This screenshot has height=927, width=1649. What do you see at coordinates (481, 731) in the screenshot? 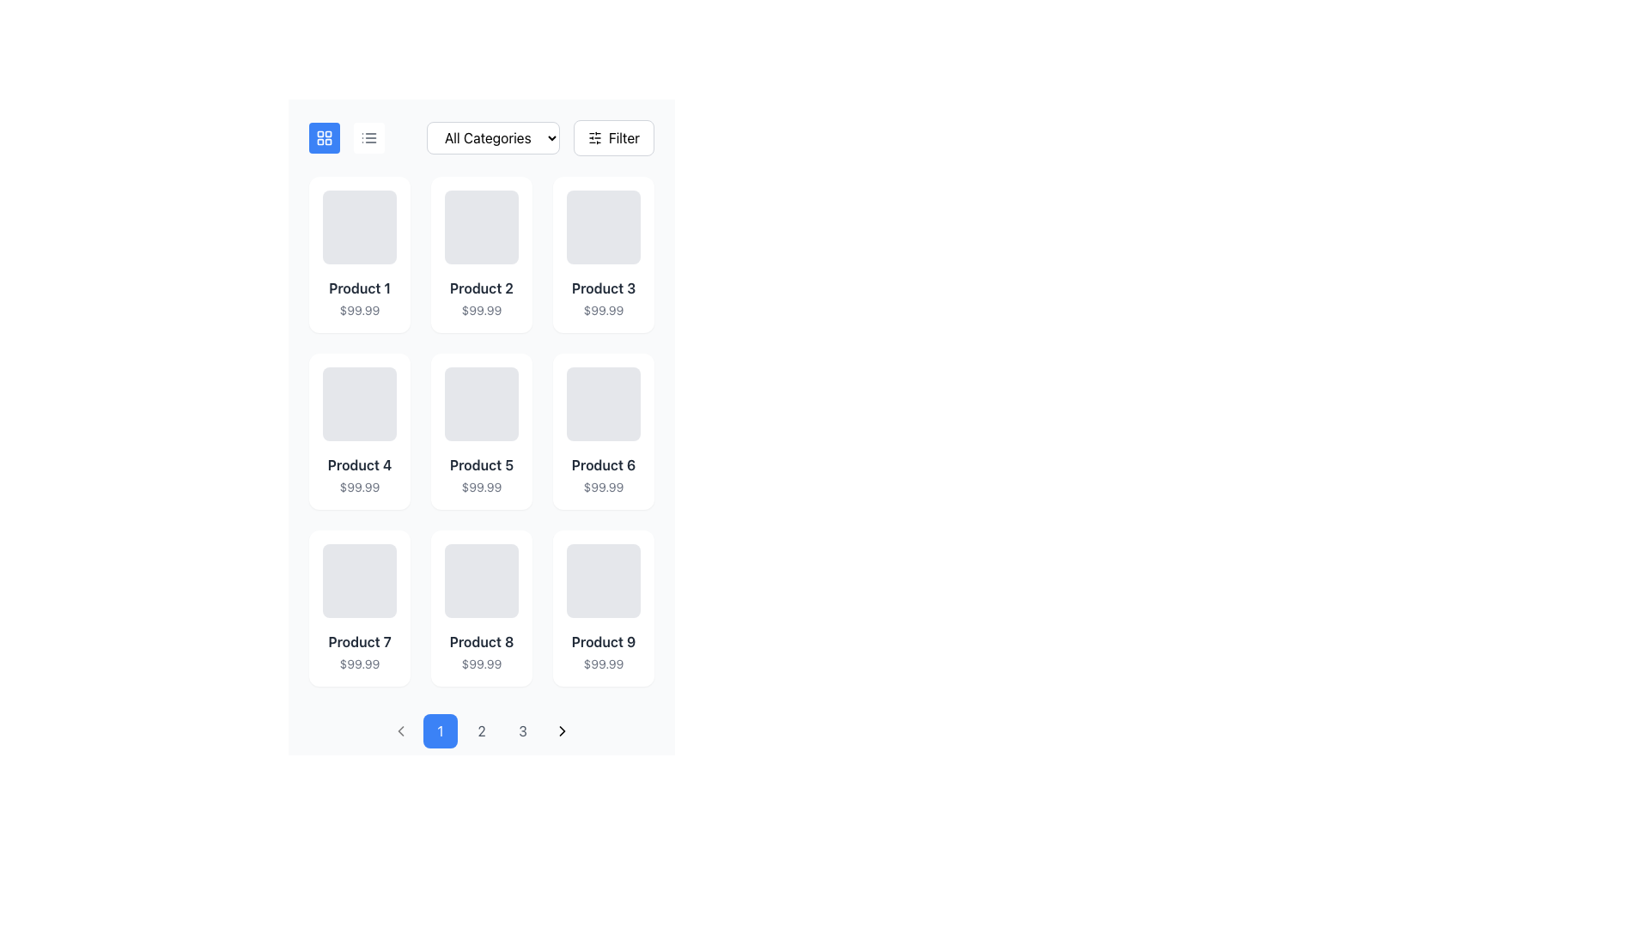
I see `the second button in the pagination control` at bounding box center [481, 731].